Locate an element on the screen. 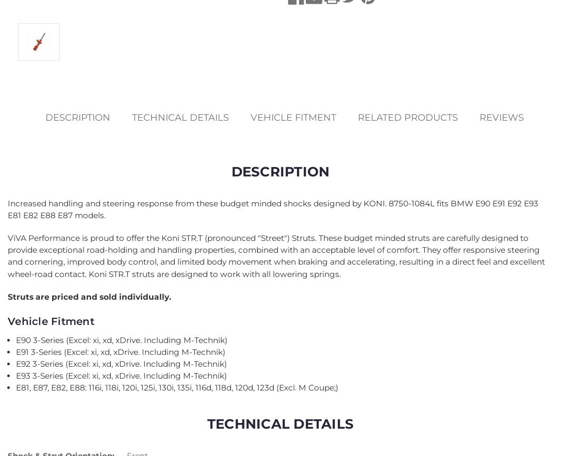 This screenshot has height=456, width=561. 'E92 3-Series (Excel: xi, xd, xDrive. Including M-Technik)' is located at coordinates (121, 363).